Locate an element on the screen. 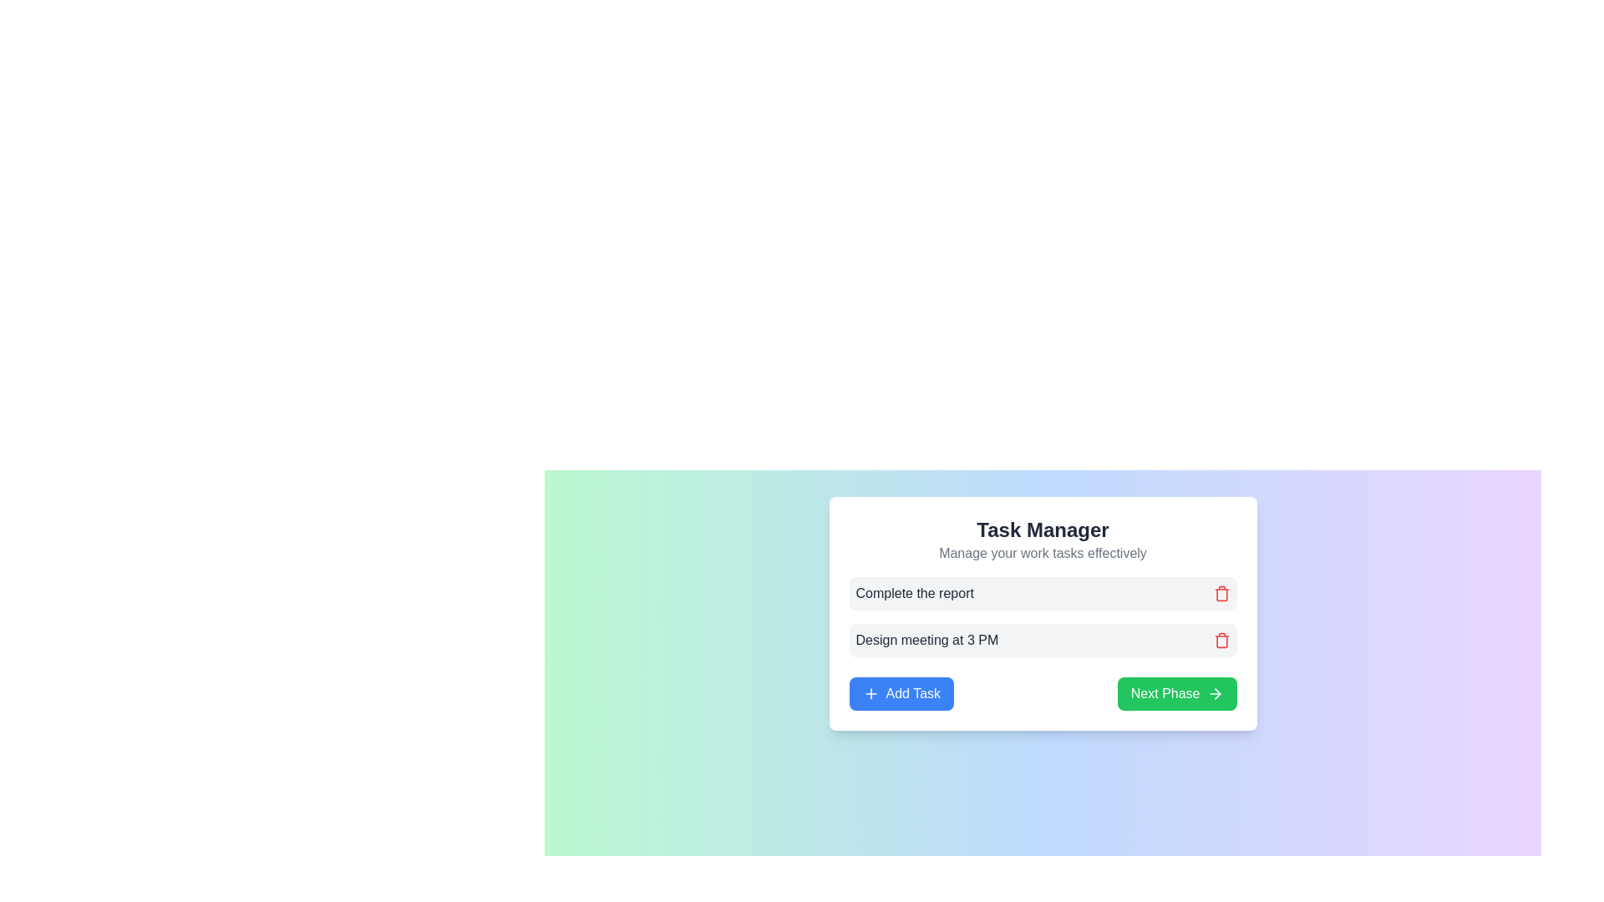 The height and width of the screenshot is (902, 1604). the blue 'Add Task' button with rounded corners that has white text and a '+' icon is located at coordinates (901, 693).